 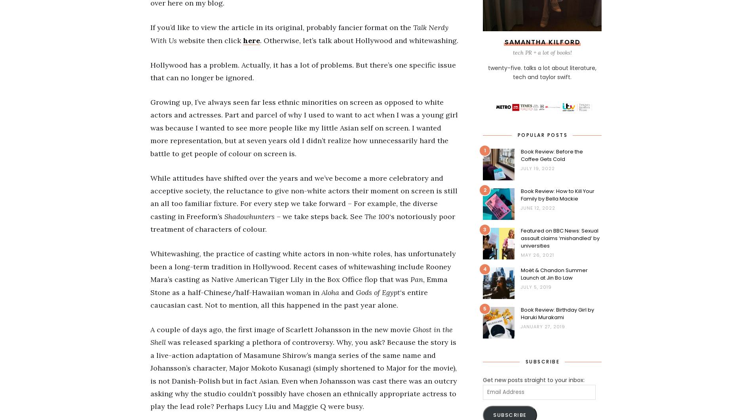 I want to click on '– we take steps back. See', so click(x=320, y=216).